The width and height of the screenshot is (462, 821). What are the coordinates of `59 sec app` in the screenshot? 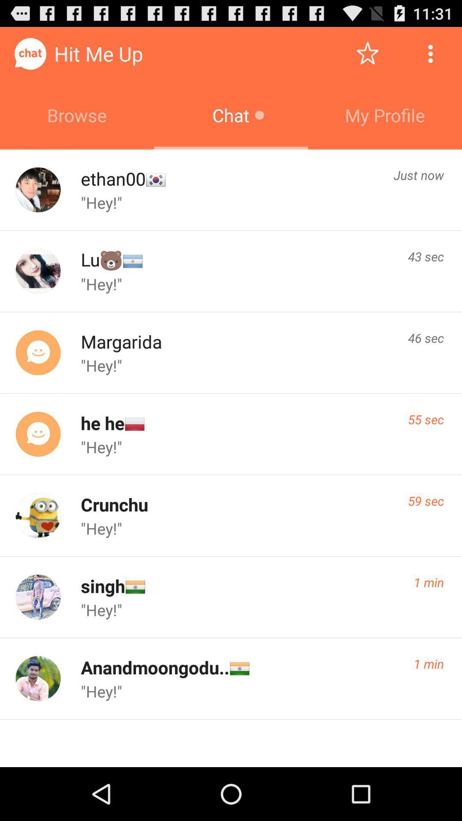 It's located at (426, 501).